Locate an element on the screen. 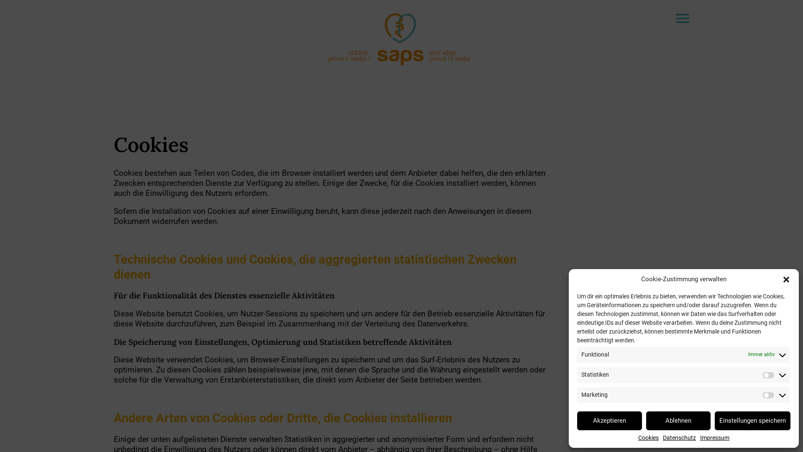 This screenshot has height=452, width=803. 'Akzeptieren' is located at coordinates (609, 420).